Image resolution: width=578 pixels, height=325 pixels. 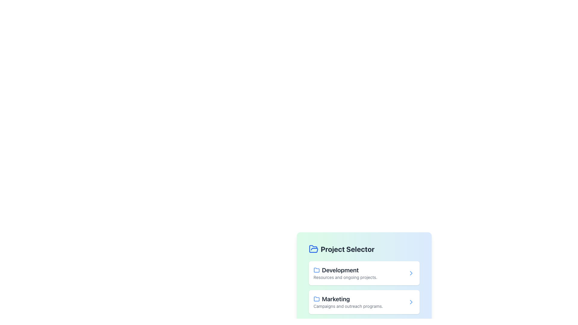 What do you see at coordinates (411, 273) in the screenshot?
I see `the icon in the 'Development' section of the 'Project Selector' interface` at bounding box center [411, 273].